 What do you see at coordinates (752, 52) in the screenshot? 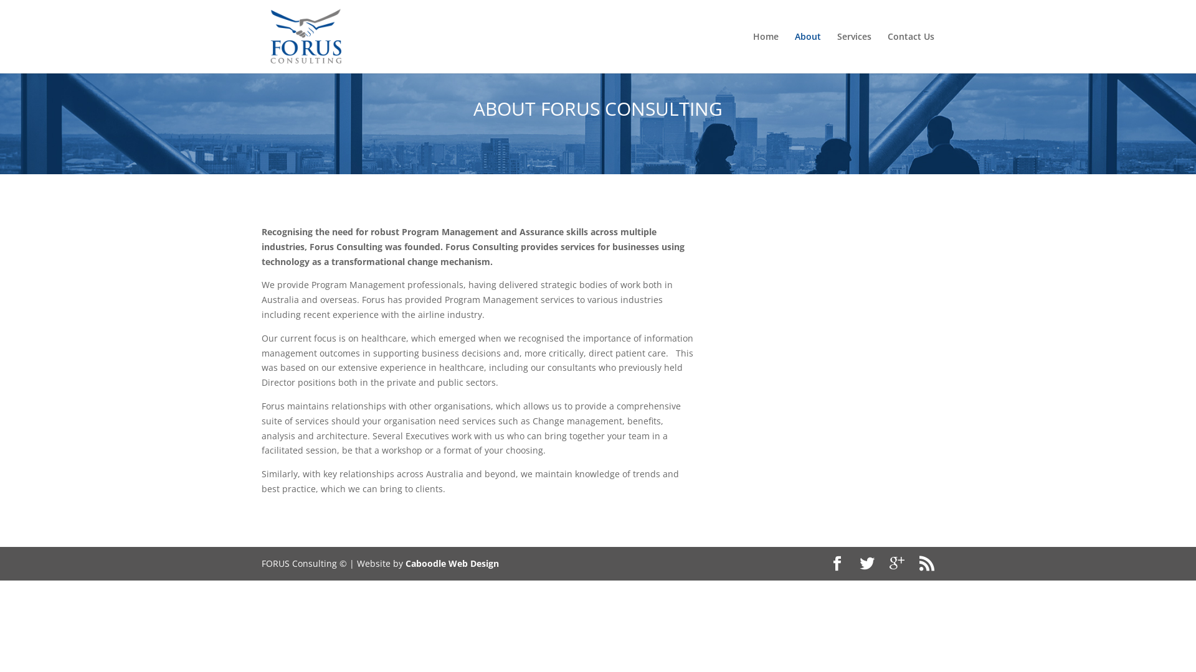
I see `'Home'` at bounding box center [752, 52].